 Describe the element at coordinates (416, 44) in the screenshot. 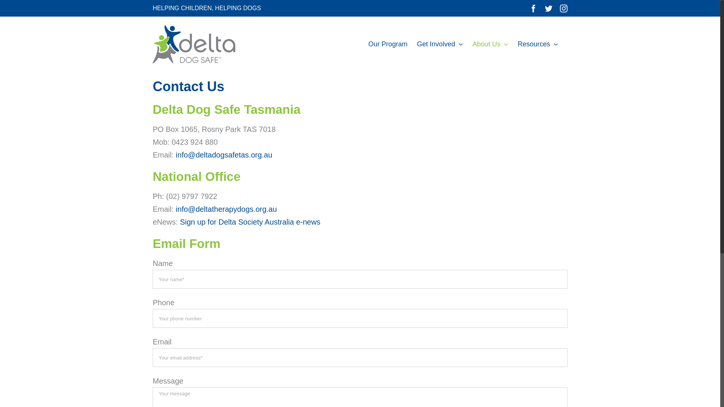

I see `'Get Involved'` at that location.